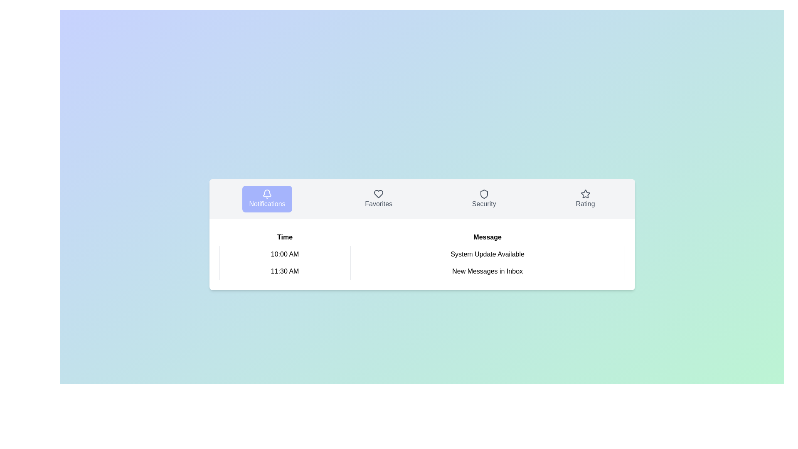 This screenshot has height=449, width=798. Describe the element at coordinates (585, 204) in the screenshot. I see `the 'Rating' text label displayed in gray beneath the star icon` at that location.